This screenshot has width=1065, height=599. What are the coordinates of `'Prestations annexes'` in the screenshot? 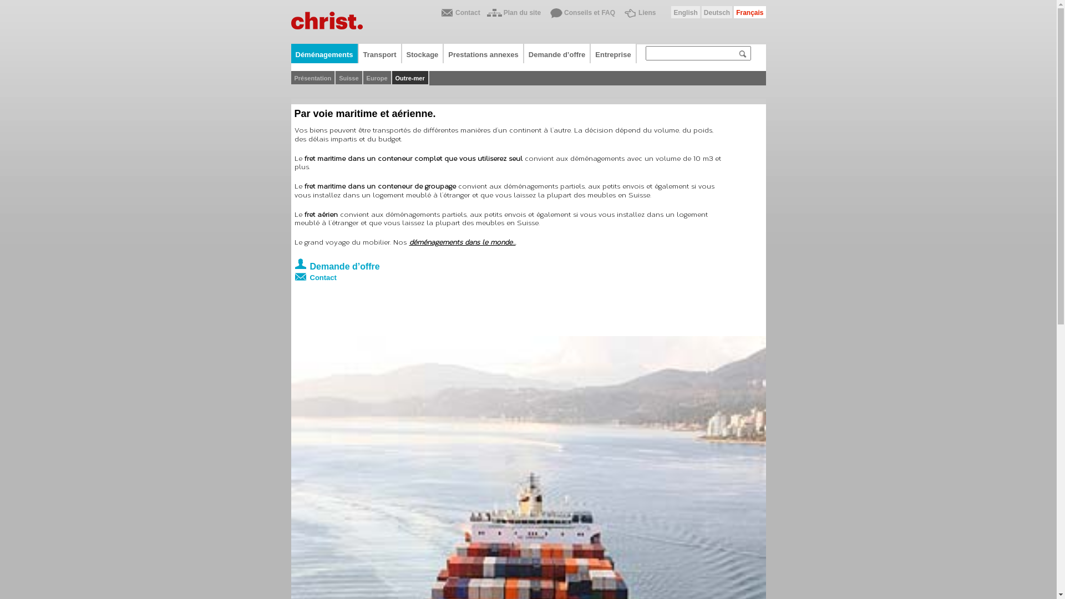 It's located at (484, 53).